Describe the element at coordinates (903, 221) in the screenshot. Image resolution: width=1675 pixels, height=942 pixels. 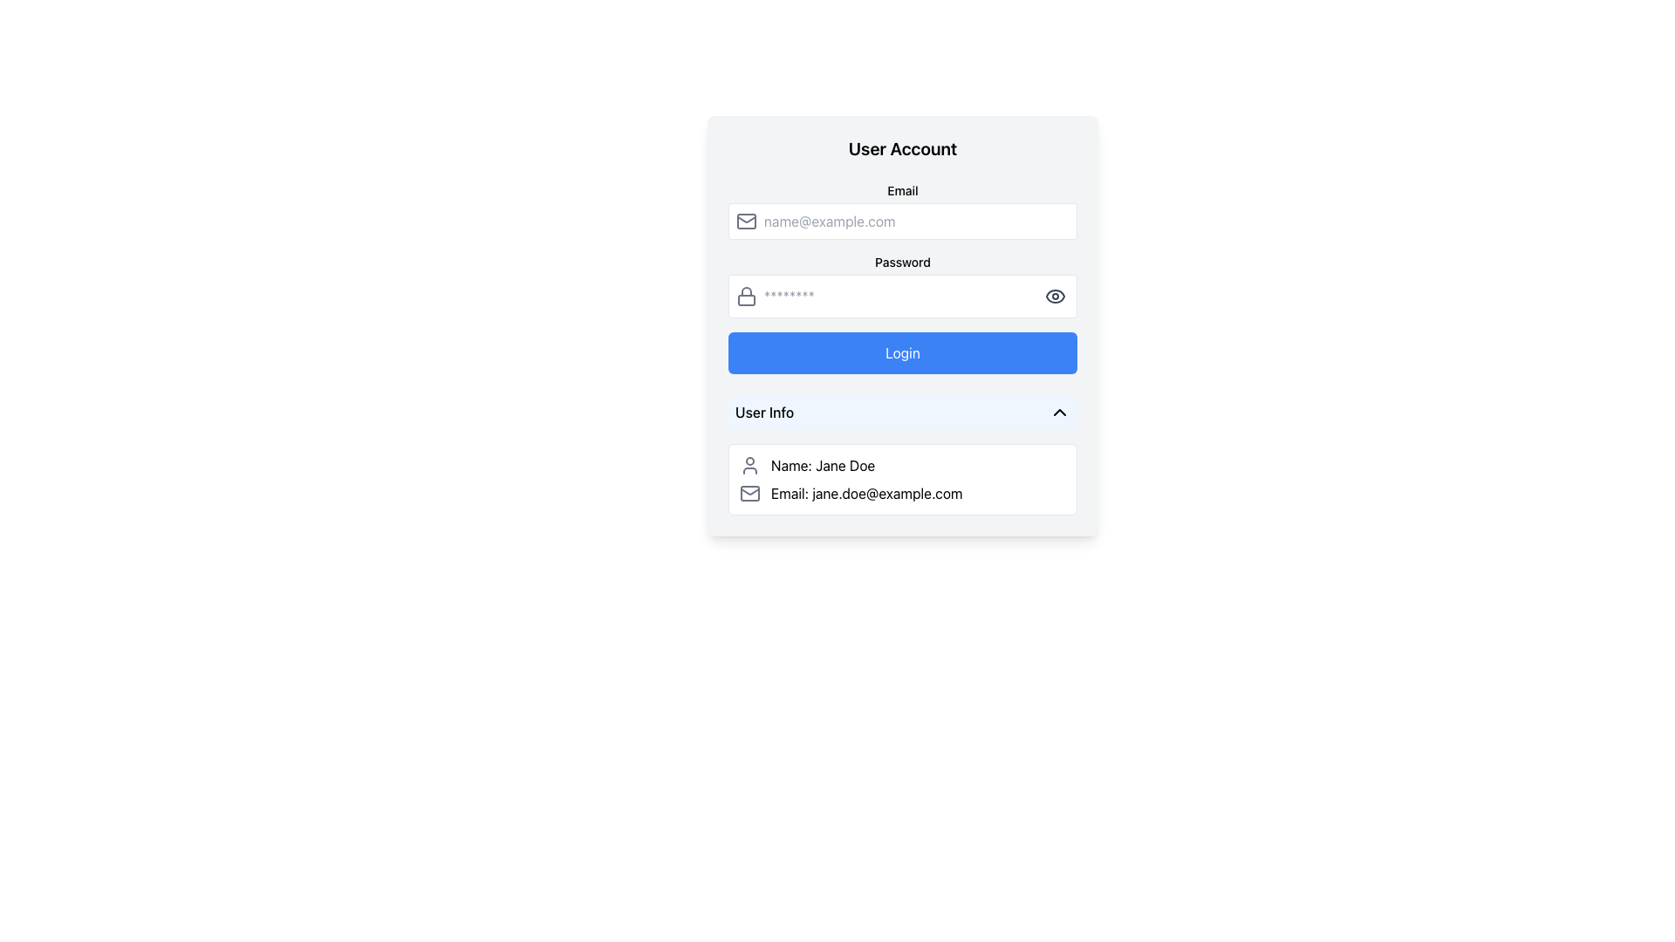
I see `the email input field located in the 'User Account' section of the form to focus it` at that location.